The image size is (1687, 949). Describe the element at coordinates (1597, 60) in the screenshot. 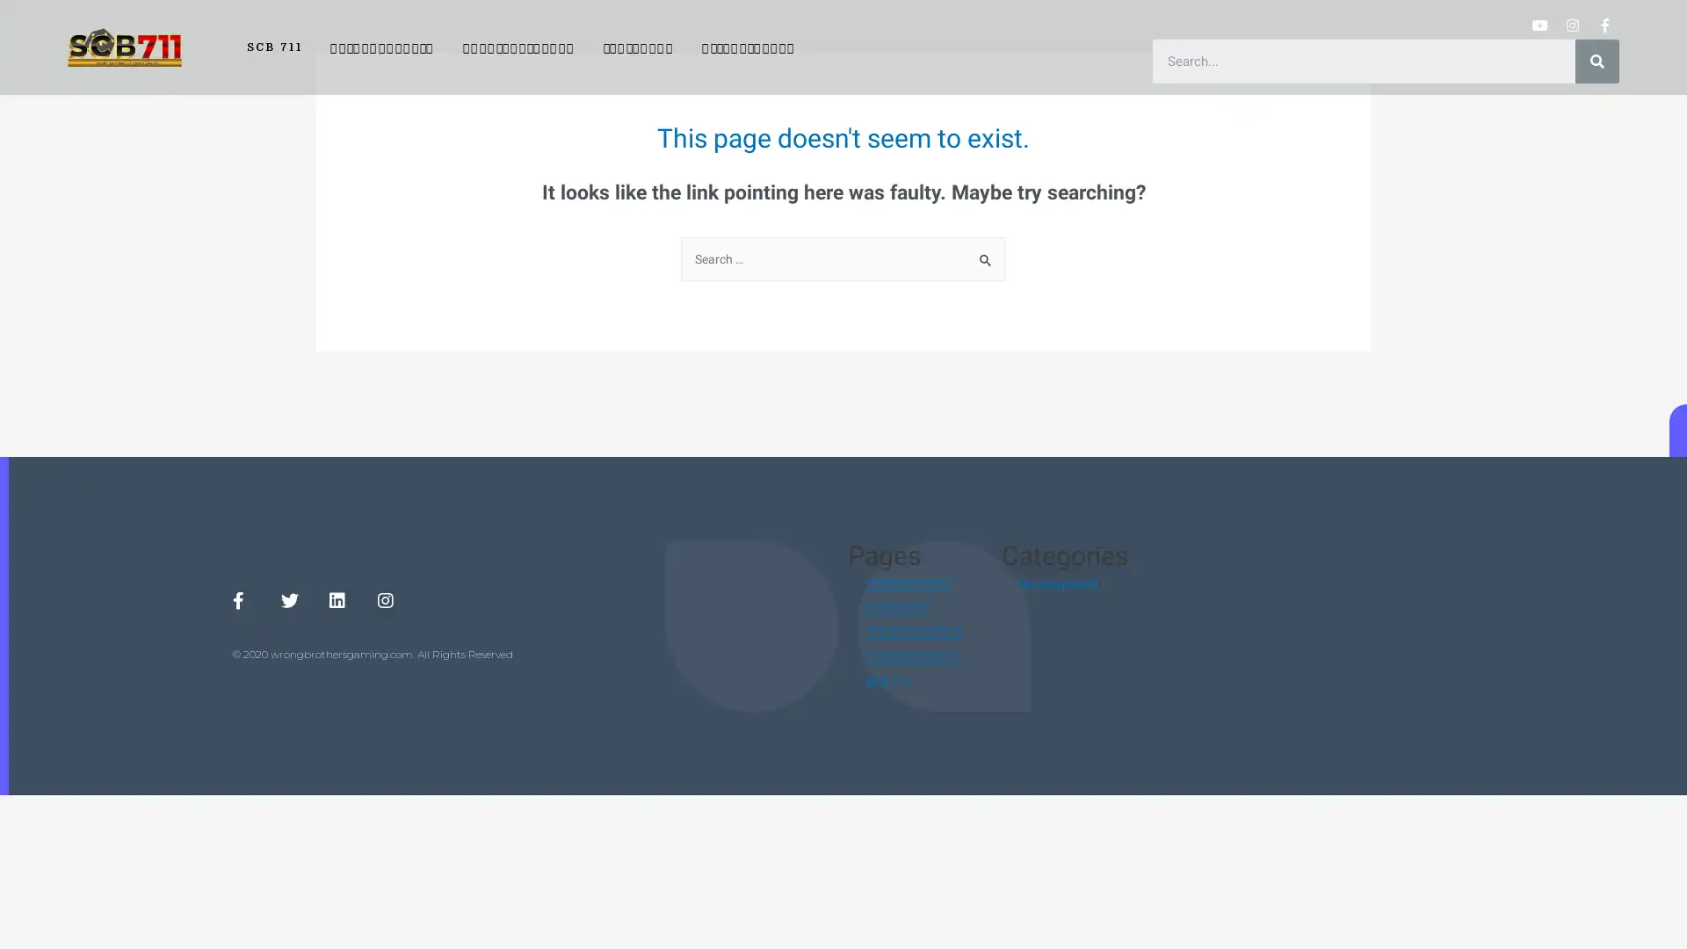

I see `Search` at that location.